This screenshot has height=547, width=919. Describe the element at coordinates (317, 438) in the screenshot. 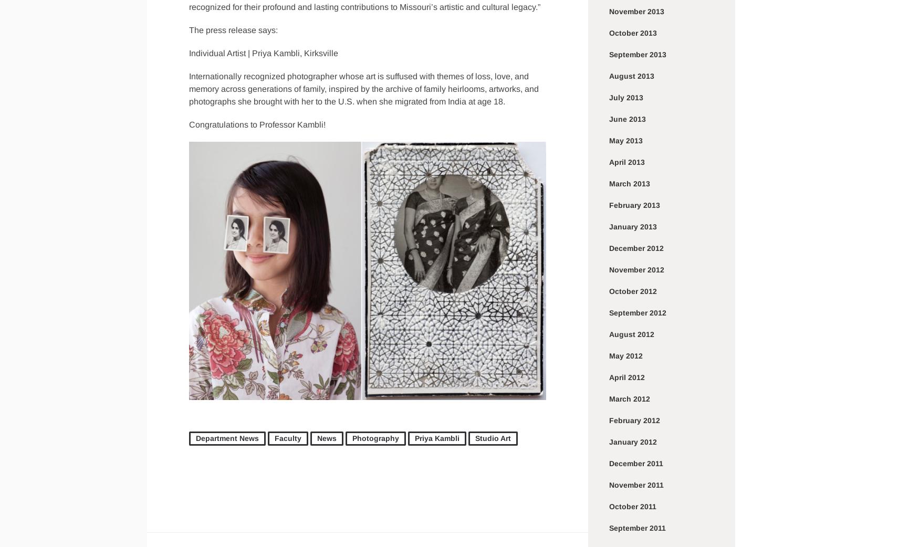

I see `'News'` at that location.